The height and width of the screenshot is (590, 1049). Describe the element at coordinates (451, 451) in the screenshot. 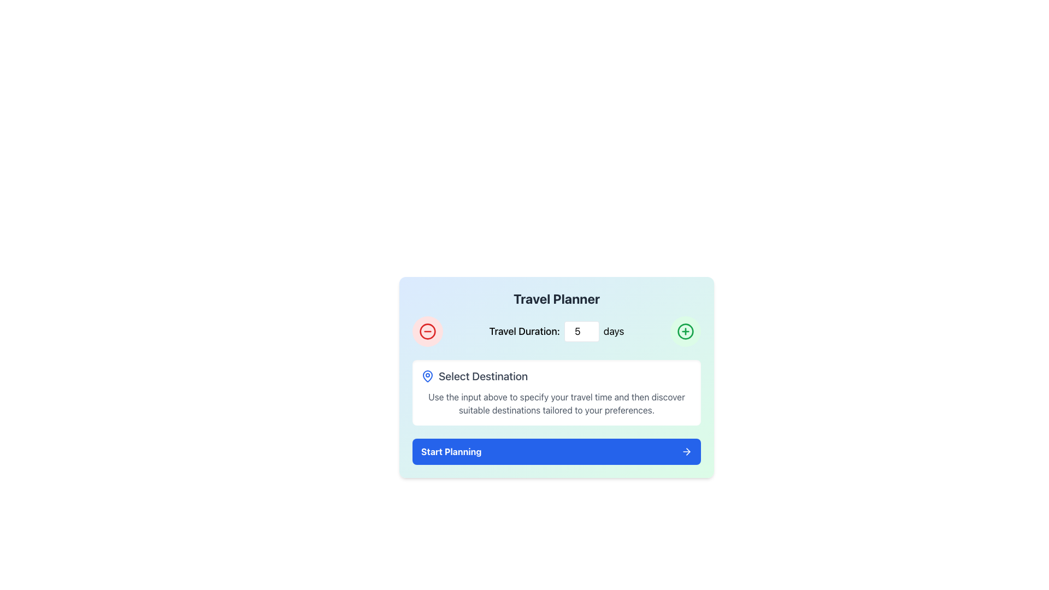

I see `the blue rectangular button labeled 'Start Planning' located towards the bottom of the interface` at that location.